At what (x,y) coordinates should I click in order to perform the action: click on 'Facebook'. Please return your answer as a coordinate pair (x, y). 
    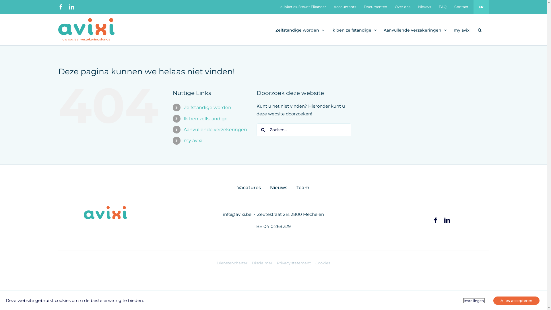
    Looking at the image, I should click on (61, 7).